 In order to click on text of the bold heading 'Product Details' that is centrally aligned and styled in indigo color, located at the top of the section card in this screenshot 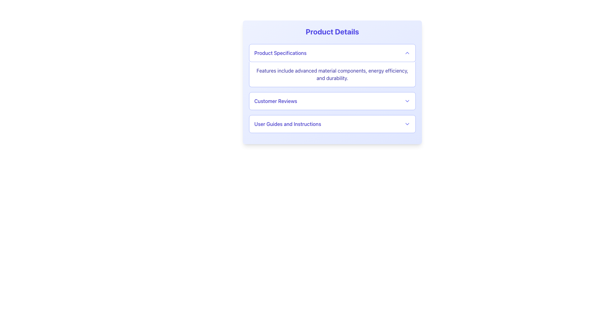, I will do `click(332, 31)`.